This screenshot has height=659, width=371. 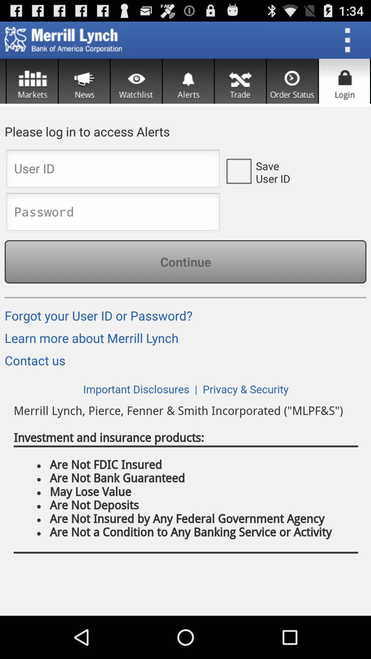 I want to click on the notifications icon, so click(x=188, y=86).